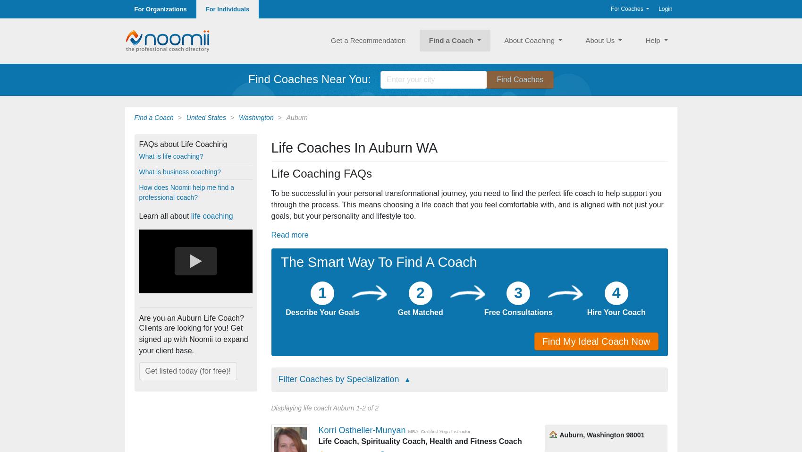 This screenshot has width=802, height=452. I want to click on 'I coach souls who seek fulfillment in life, looking to identify what's truly important, facing their inner critic, and tapping into their passion to live a magnificent knock-your-socks-off life', so click(317, 82).